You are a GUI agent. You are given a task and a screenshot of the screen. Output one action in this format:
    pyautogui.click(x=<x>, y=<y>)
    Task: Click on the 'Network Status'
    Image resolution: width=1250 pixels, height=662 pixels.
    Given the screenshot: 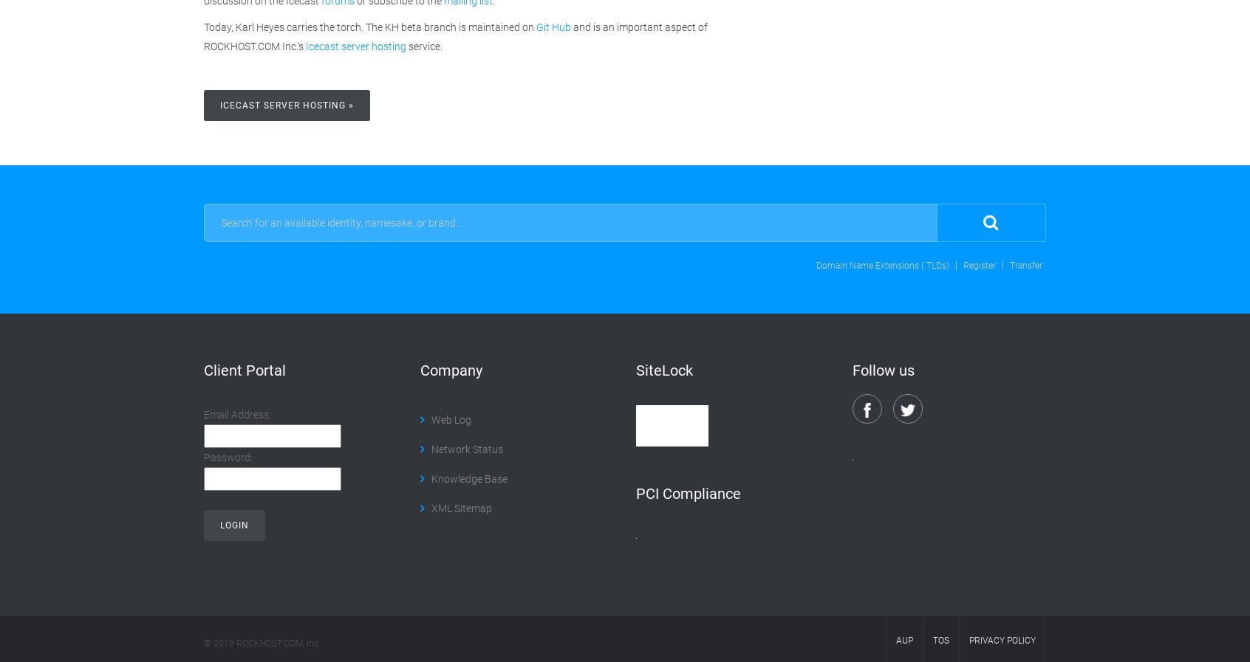 What is the action you would take?
    pyautogui.click(x=430, y=448)
    